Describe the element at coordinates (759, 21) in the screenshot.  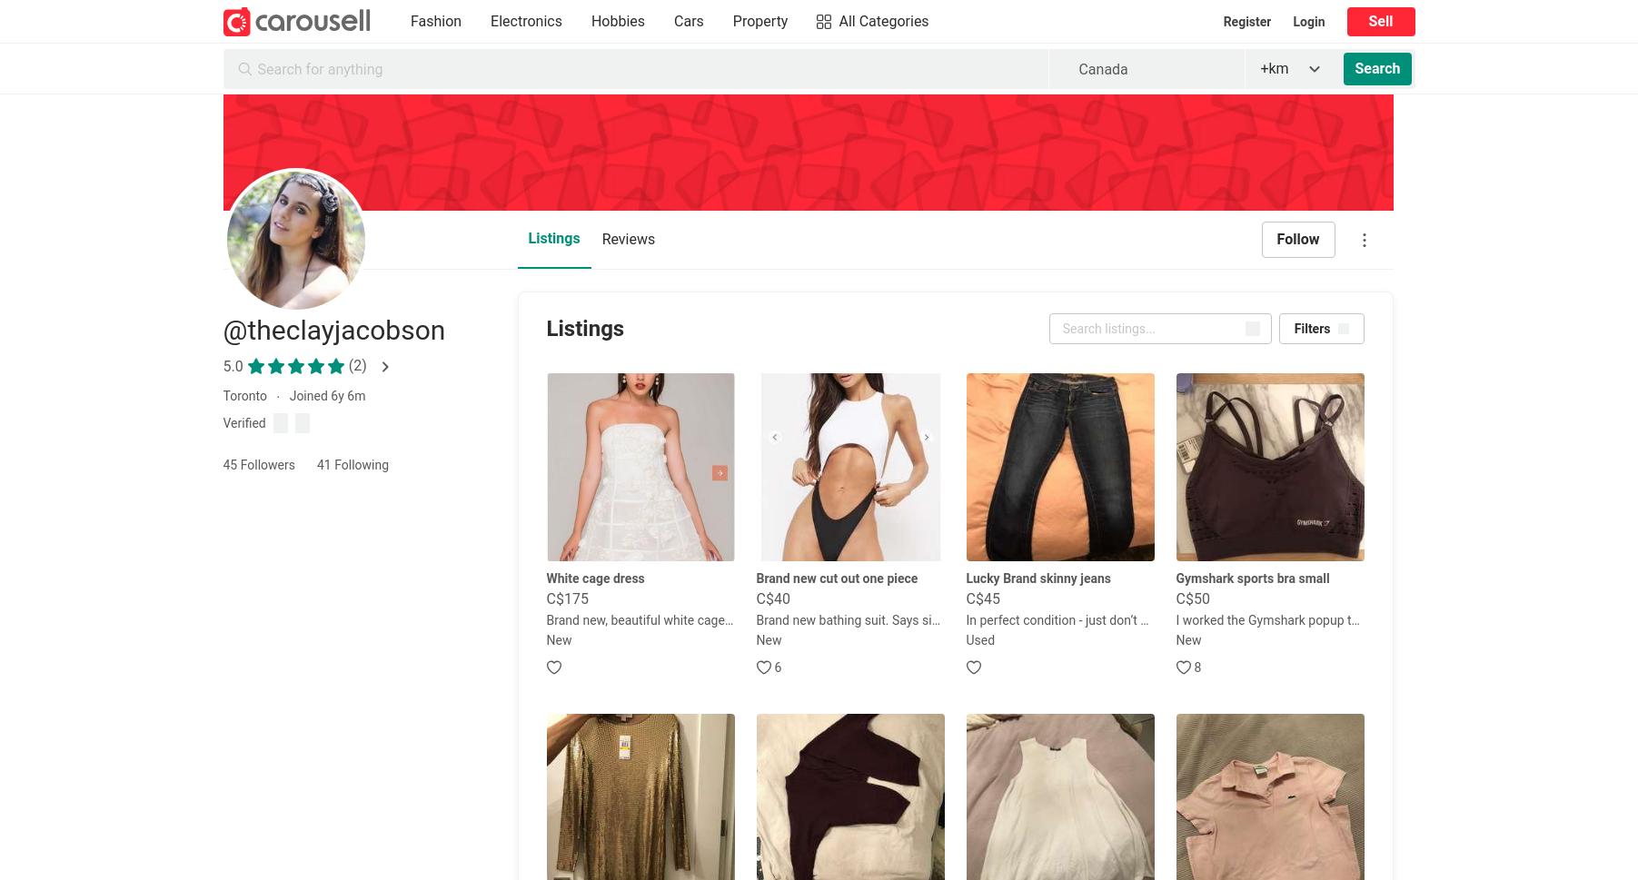
I see `'Property'` at that location.